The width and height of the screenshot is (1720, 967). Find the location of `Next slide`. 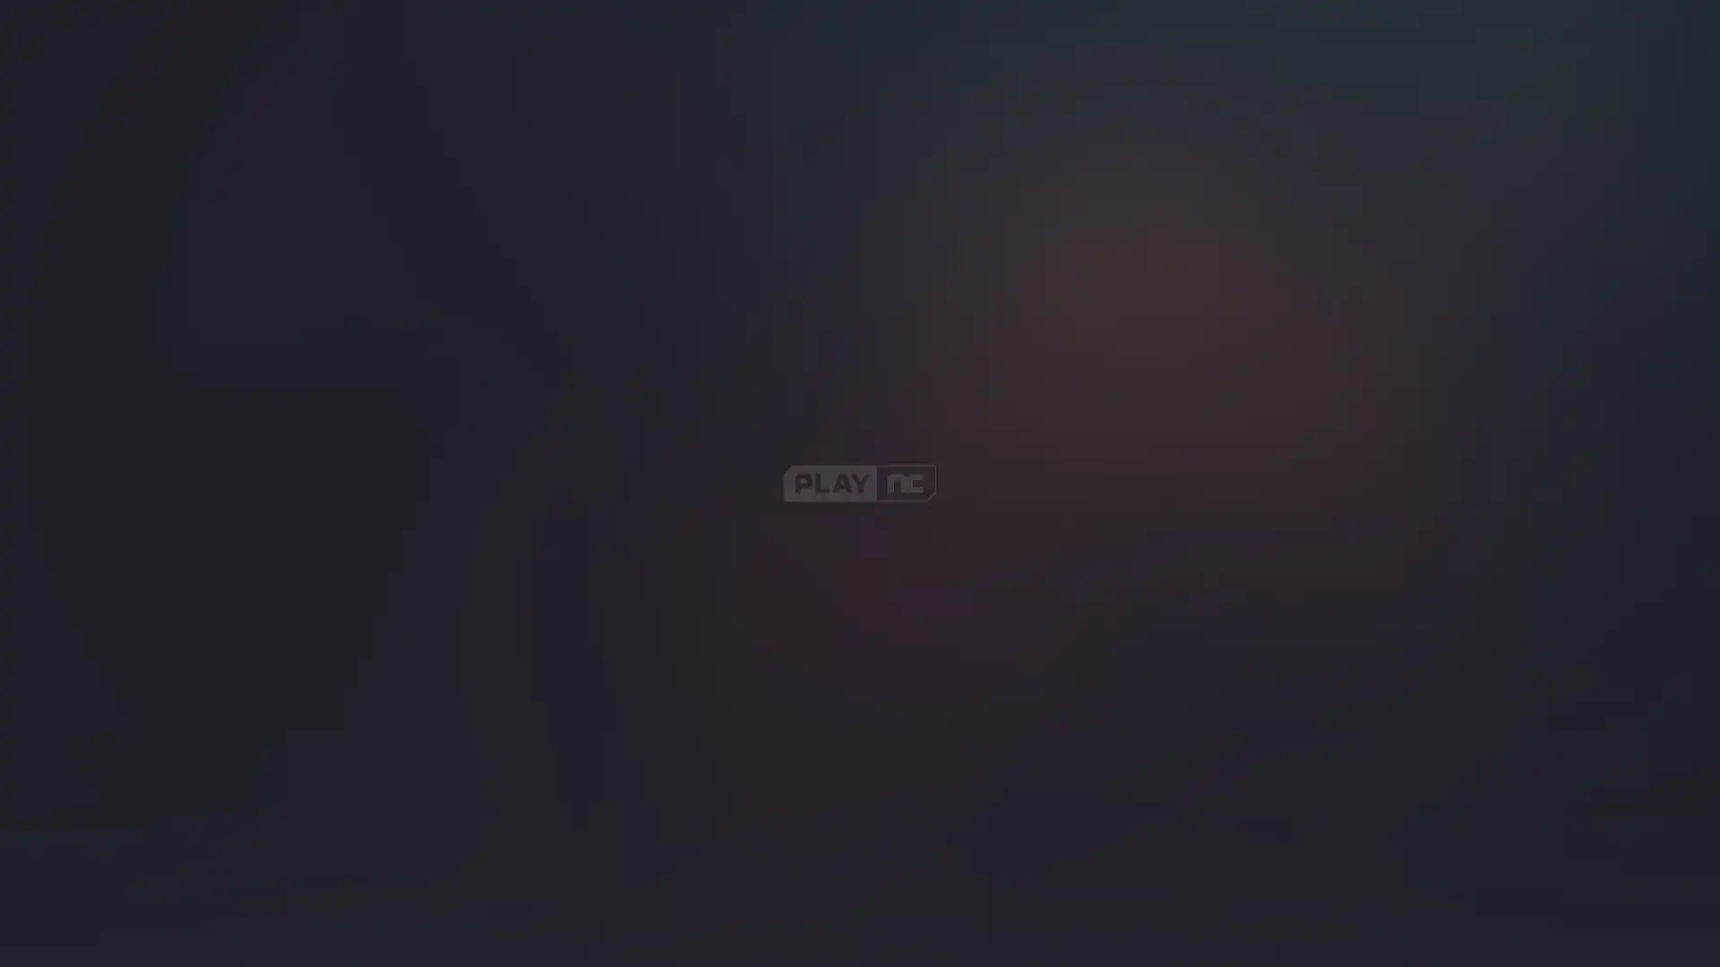

Next slide is located at coordinates (1499, 235).